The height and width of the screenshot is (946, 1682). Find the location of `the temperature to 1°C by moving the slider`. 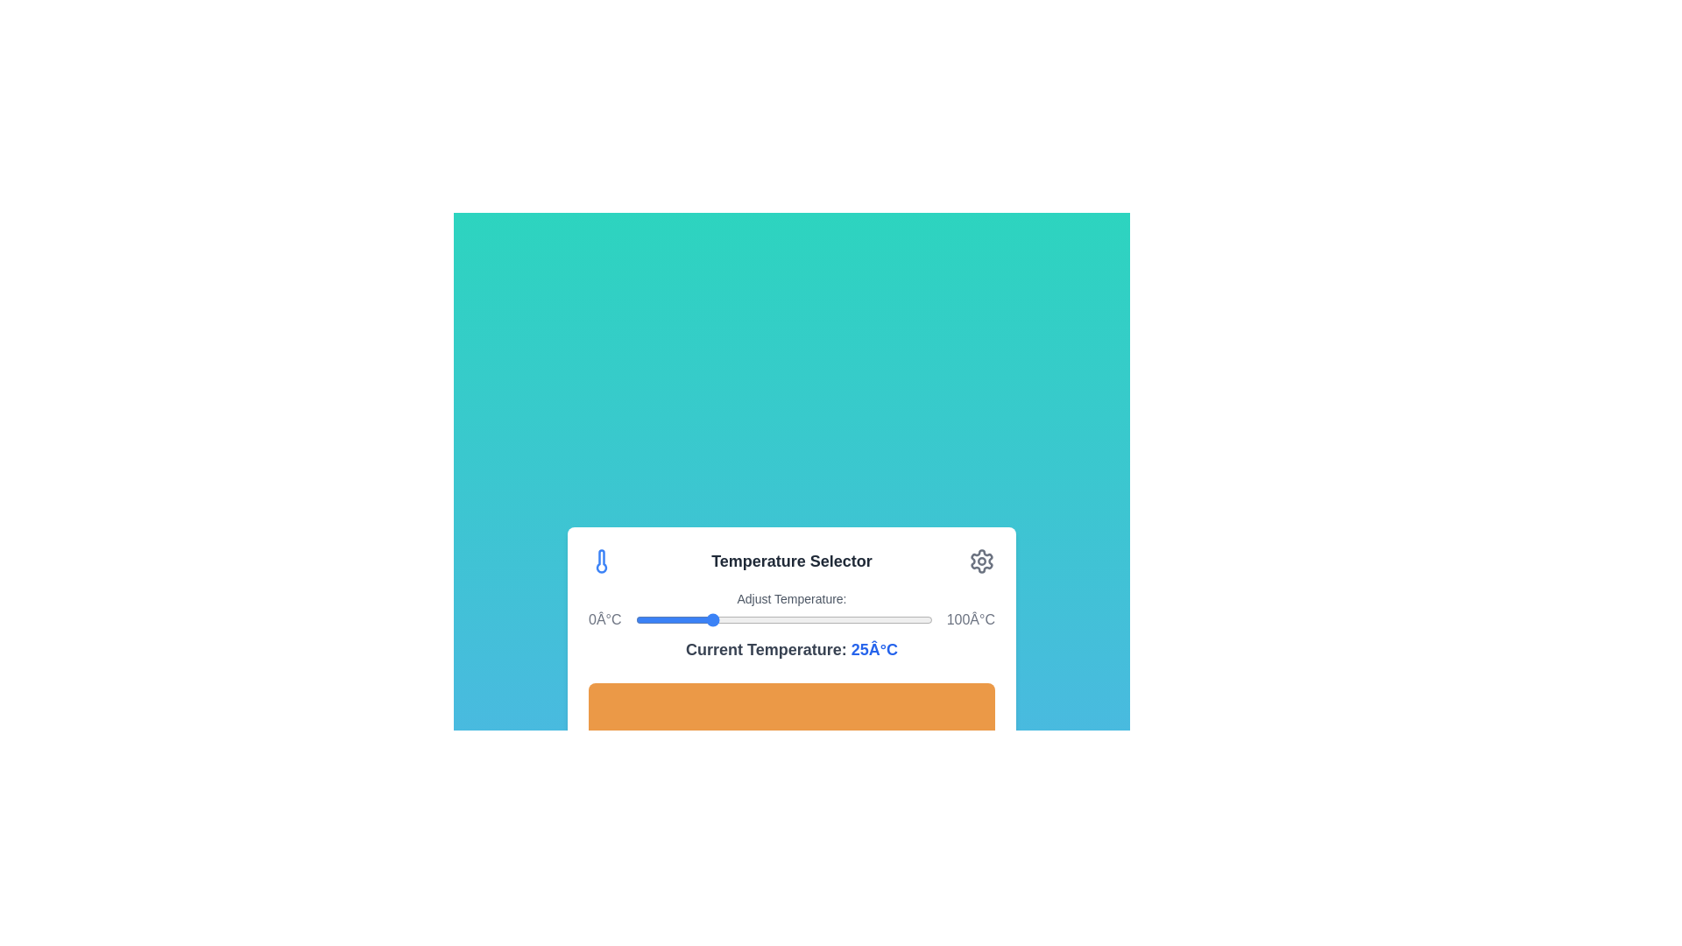

the temperature to 1°C by moving the slider is located at coordinates (637, 619).